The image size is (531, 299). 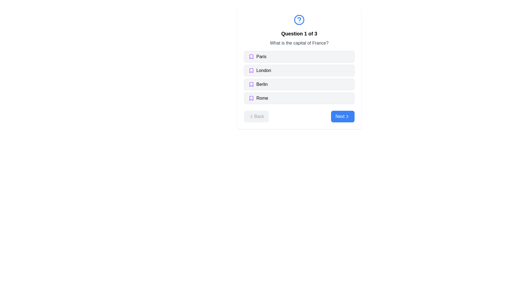 What do you see at coordinates (251, 56) in the screenshot?
I see `the vibrant purple bookmark icon located to the left of the 'Paris' label in the quiz options by clicking on it` at bounding box center [251, 56].